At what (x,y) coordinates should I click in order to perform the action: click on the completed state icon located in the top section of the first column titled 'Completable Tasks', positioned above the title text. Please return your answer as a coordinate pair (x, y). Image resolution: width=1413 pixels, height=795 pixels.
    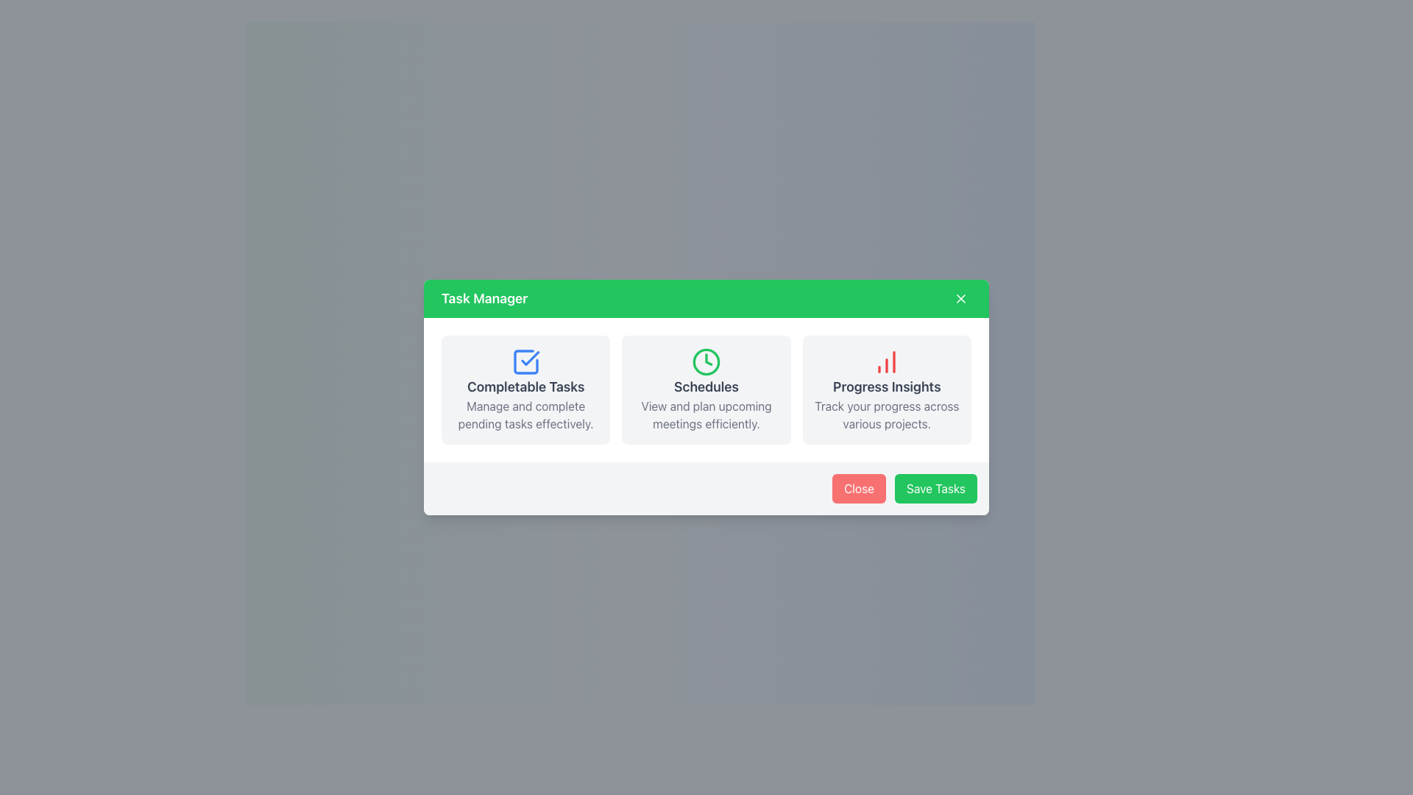
    Looking at the image, I should click on (525, 362).